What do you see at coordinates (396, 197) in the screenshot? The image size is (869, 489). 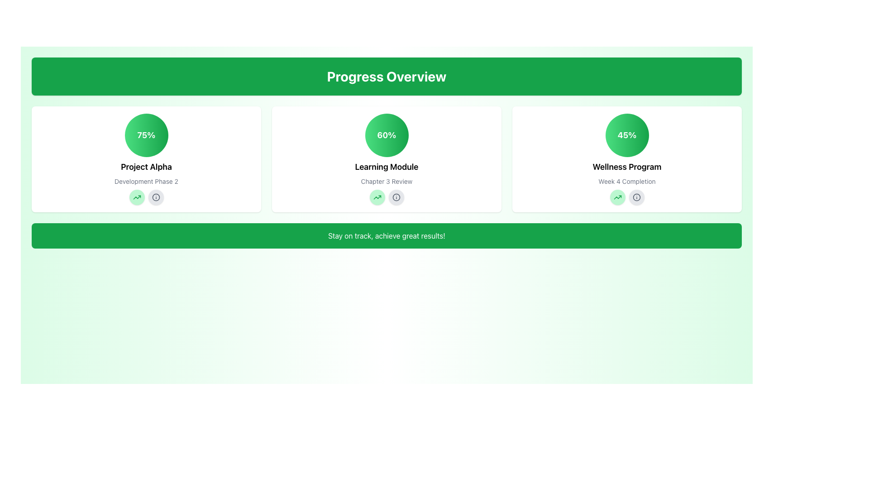 I see `the circular informational button with a light gray background and dark gray border, located in the 'Learning Module' card` at bounding box center [396, 197].